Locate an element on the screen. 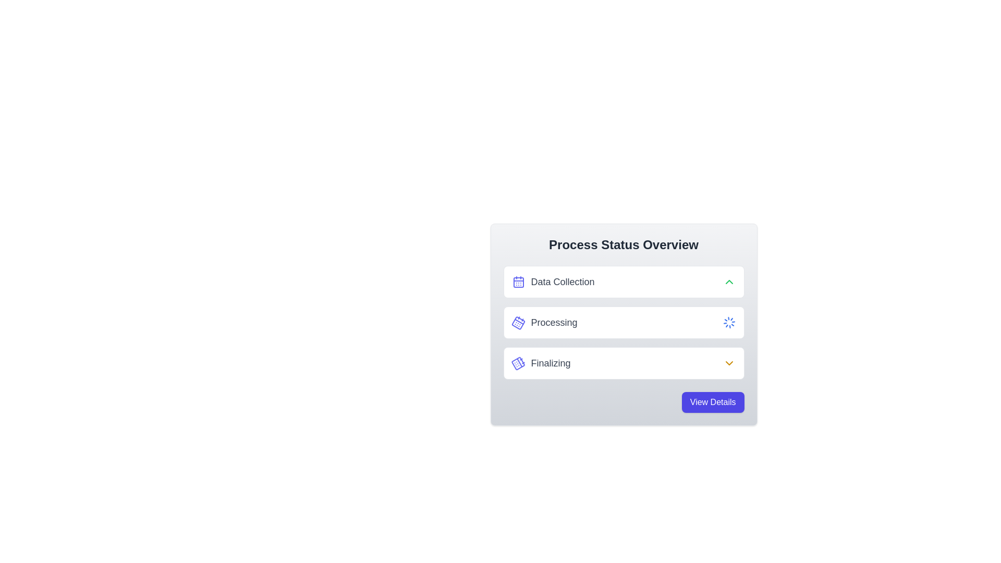 Image resolution: width=1001 pixels, height=563 pixels. the 'Processing' status indicator, which is the second item in the vertically arranged list of statuses, located between 'Data Collection' and 'Finalizing' in the 'Process Status Overview' section is located at coordinates (624, 322).